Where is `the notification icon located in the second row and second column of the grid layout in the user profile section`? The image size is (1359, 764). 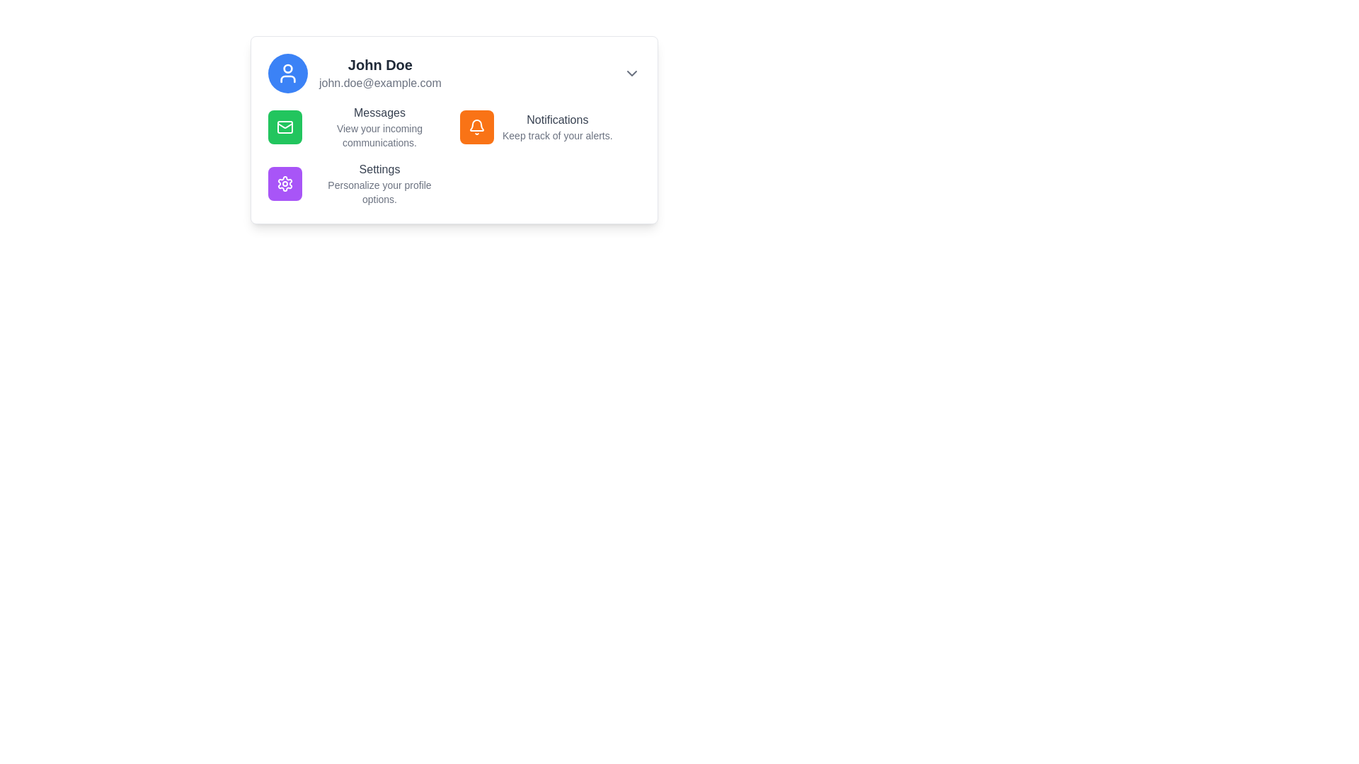
the notification icon located in the second row and second column of the grid layout in the user profile section is located at coordinates (476, 127).